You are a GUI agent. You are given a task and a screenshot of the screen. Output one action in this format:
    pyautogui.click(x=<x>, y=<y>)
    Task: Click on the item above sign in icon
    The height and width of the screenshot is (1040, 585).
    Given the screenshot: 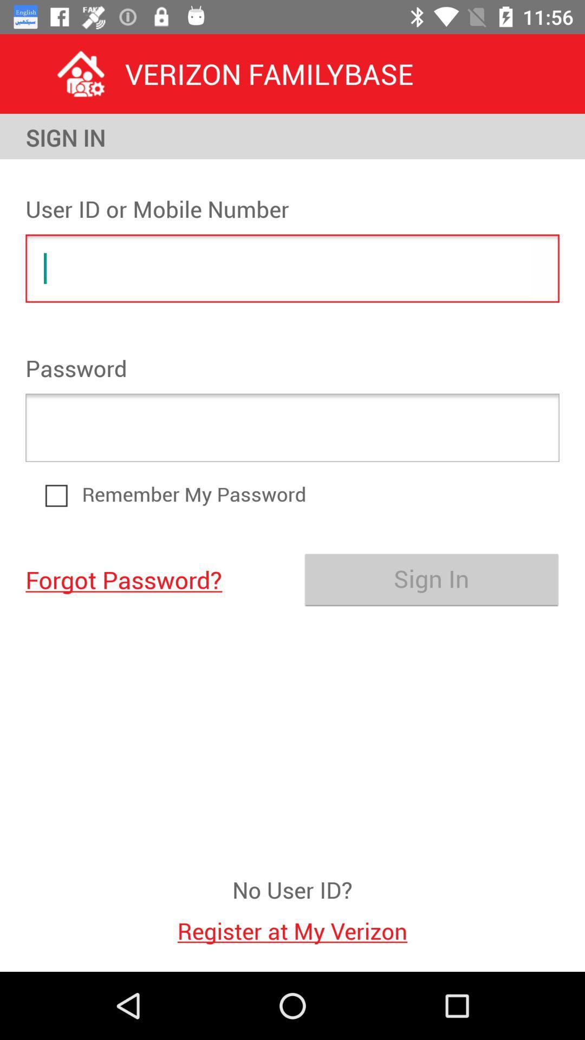 What is the action you would take?
    pyautogui.click(x=193, y=493)
    